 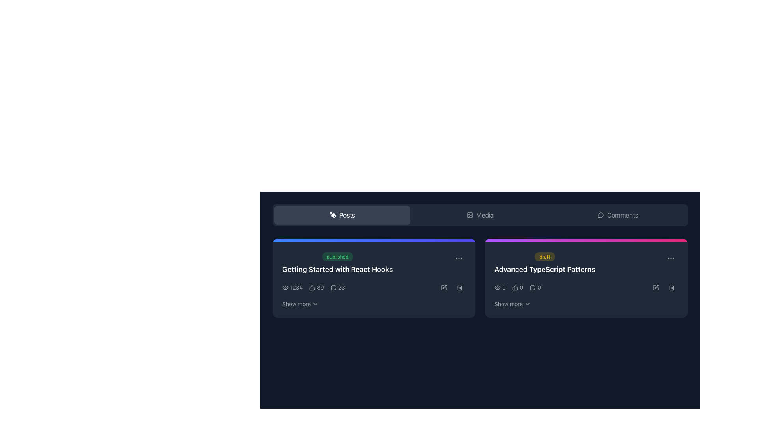 What do you see at coordinates (333, 288) in the screenshot?
I see `the speech bubble icon indicating comments, located to the left of the numeric count '23.'` at bounding box center [333, 288].